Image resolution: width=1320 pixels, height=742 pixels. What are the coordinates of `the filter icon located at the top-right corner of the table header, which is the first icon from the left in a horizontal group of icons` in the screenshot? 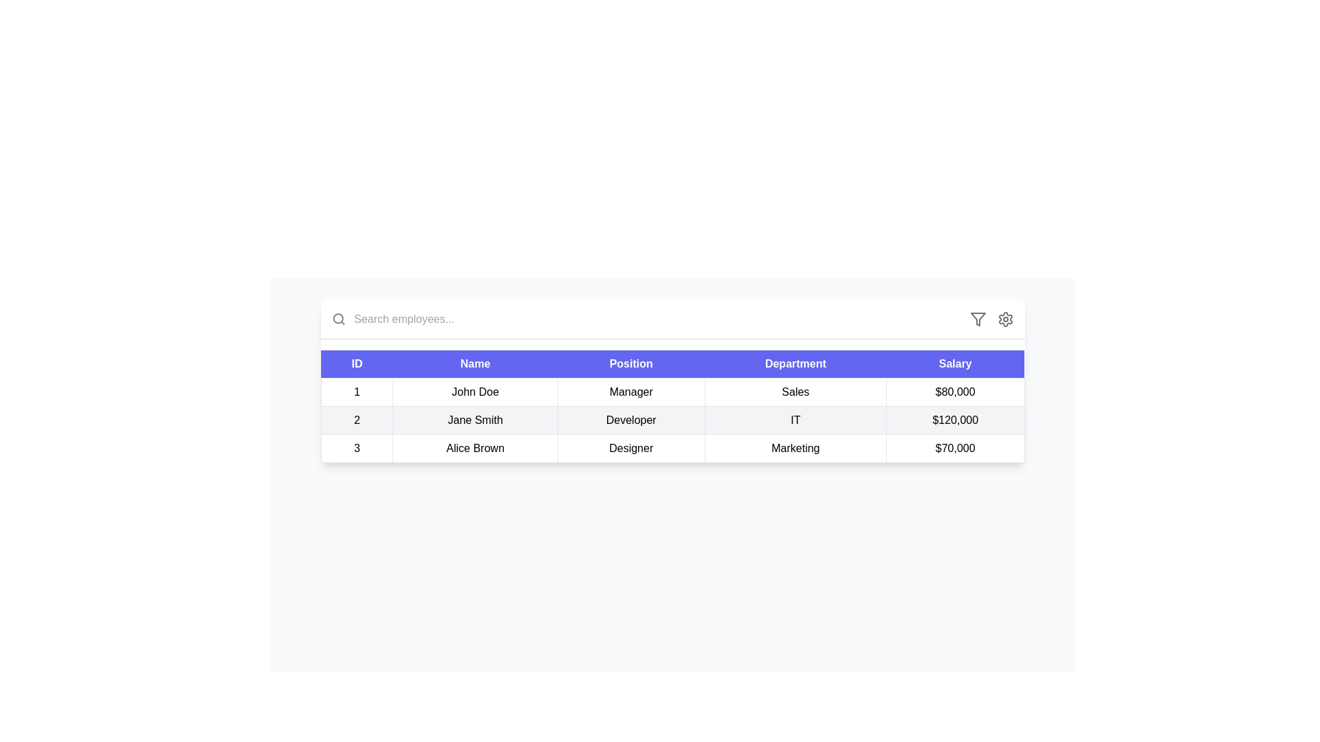 It's located at (977, 319).